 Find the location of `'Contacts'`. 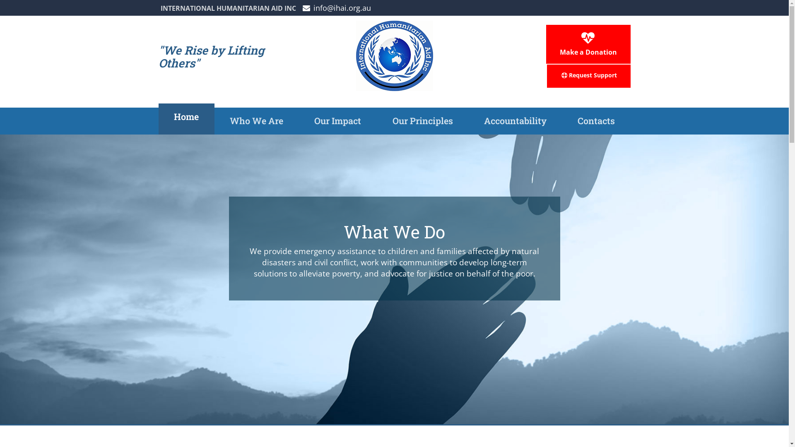

'Contacts' is located at coordinates (70, 163).